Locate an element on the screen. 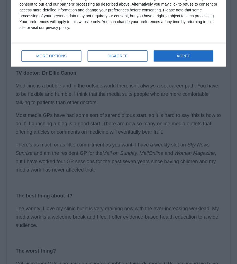  'and am the resident GP for the' is located at coordinates (67, 153).